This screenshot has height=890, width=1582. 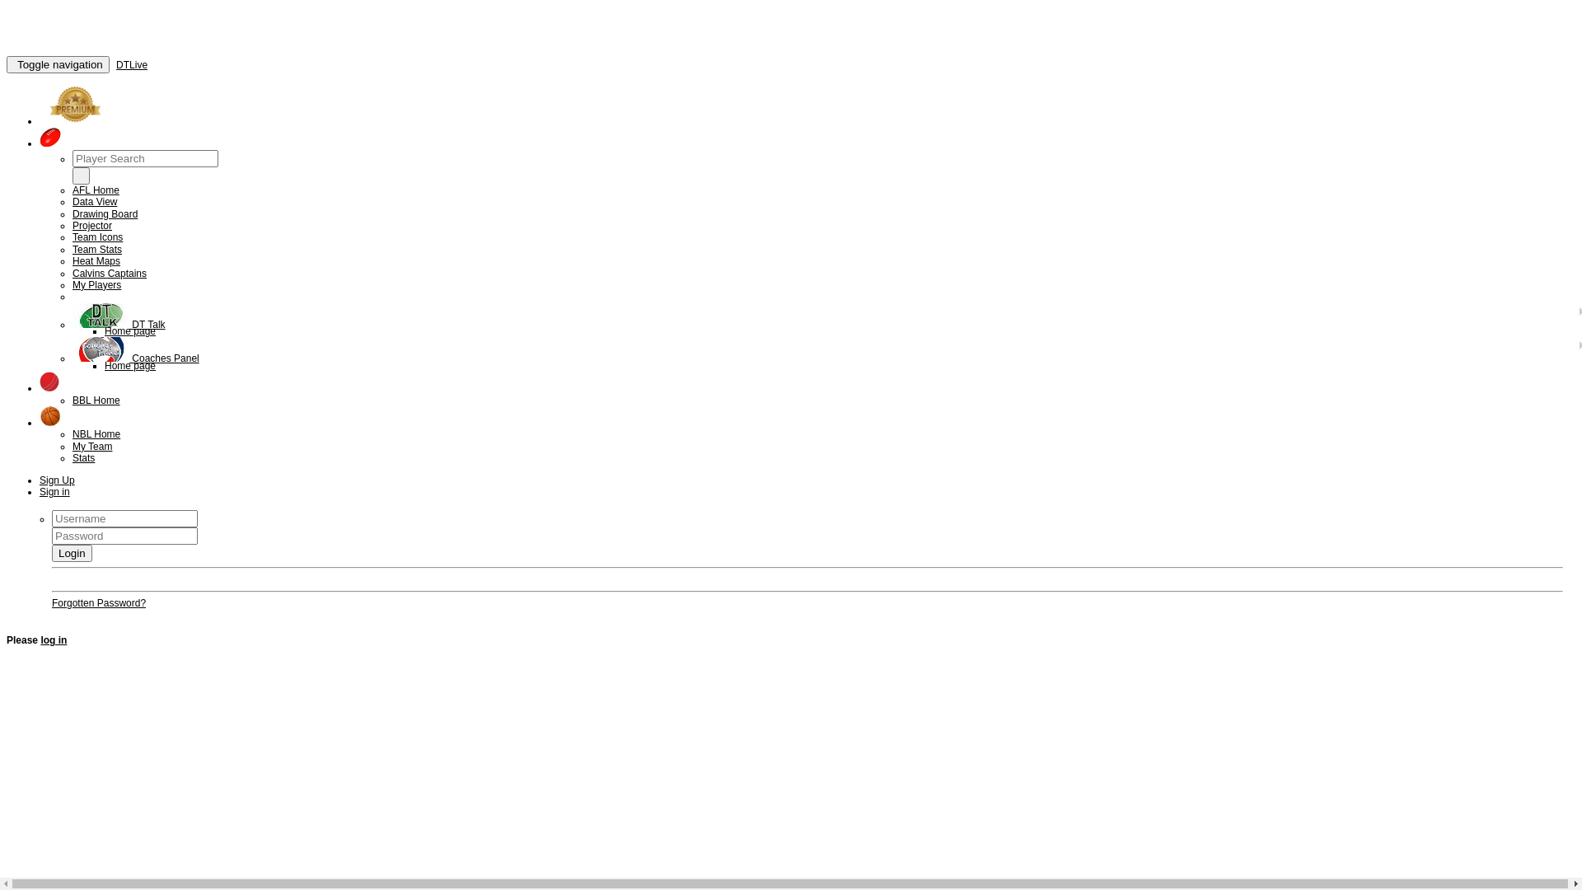 What do you see at coordinates (71, 237) in the screenshot?
I see `'Team Icons'` at bounding box center [71, 237].